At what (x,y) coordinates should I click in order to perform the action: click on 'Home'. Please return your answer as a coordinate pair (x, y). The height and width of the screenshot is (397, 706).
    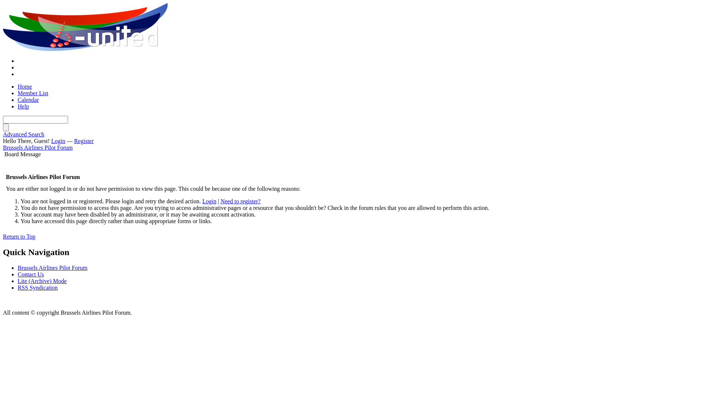
    Looking at the image, I should click on (25, 86).